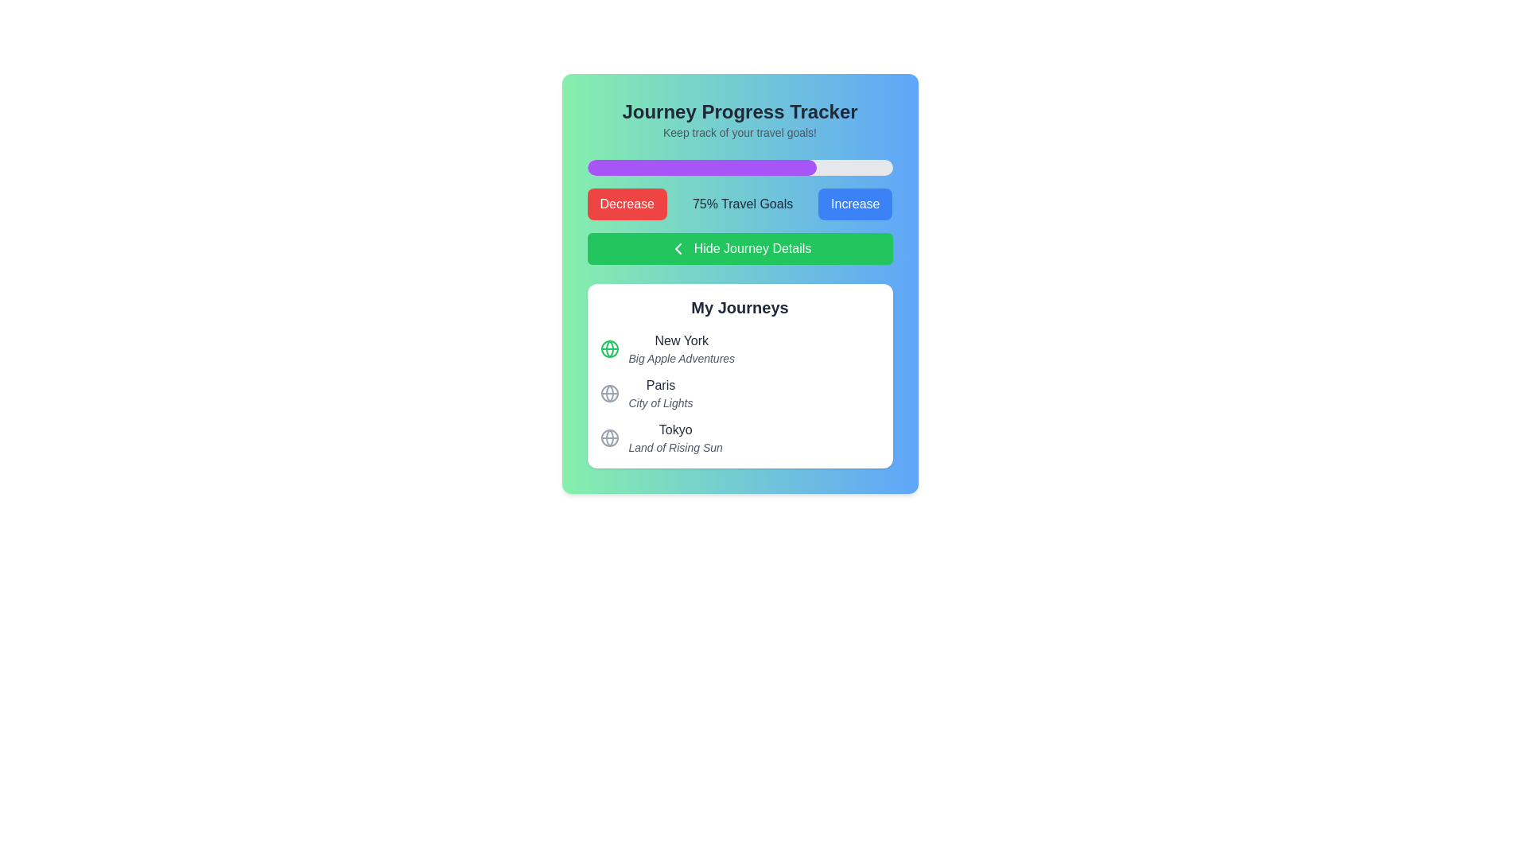 This screenshot has height=859, width=1527. What do you see at coordinates (608, 348) in the screenshot?
I see `the green circular globe icon located in the 'My Journeys' section, which is positioned to the left of the label 'New York - Big Apple Adventures'` at bounding box center [608, 348].